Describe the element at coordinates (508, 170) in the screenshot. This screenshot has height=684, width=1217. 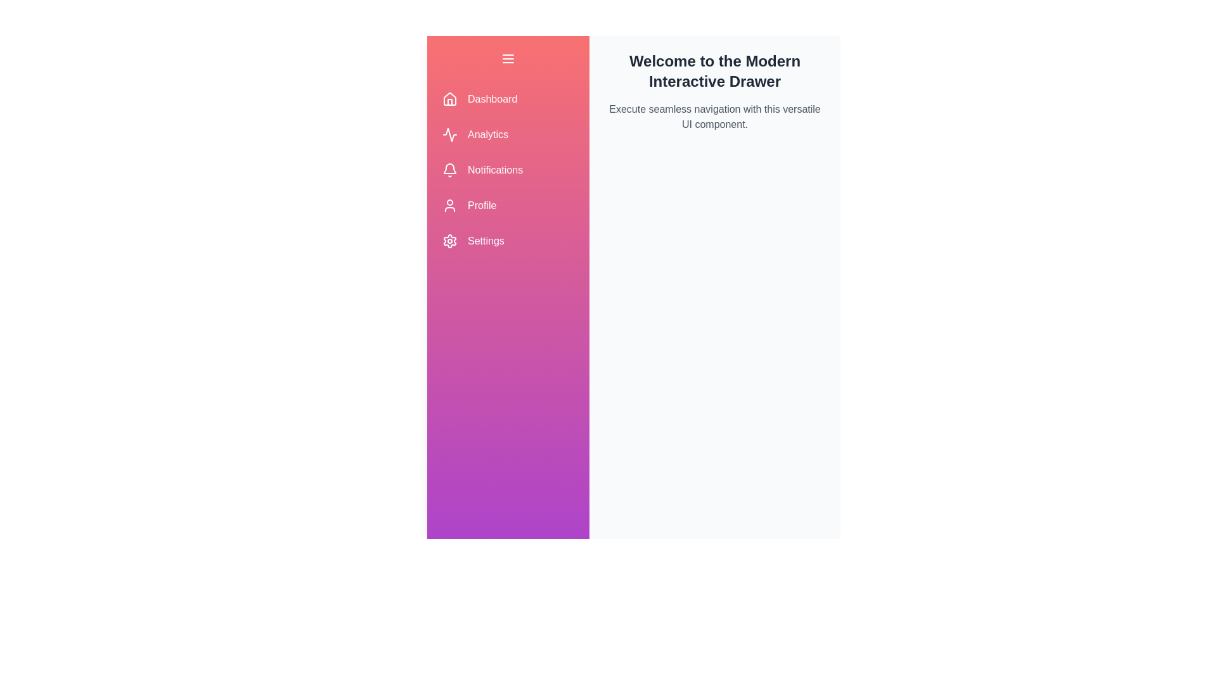
I see `the navigation item labeled Notifications` at that location.